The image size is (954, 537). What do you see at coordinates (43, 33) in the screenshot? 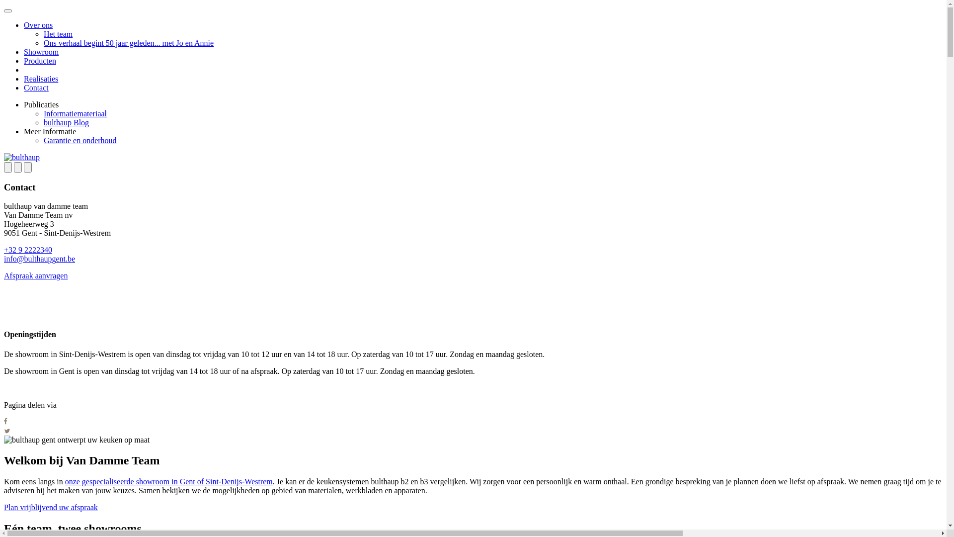
I see `'Het team'` at bounding box center [43, 33].